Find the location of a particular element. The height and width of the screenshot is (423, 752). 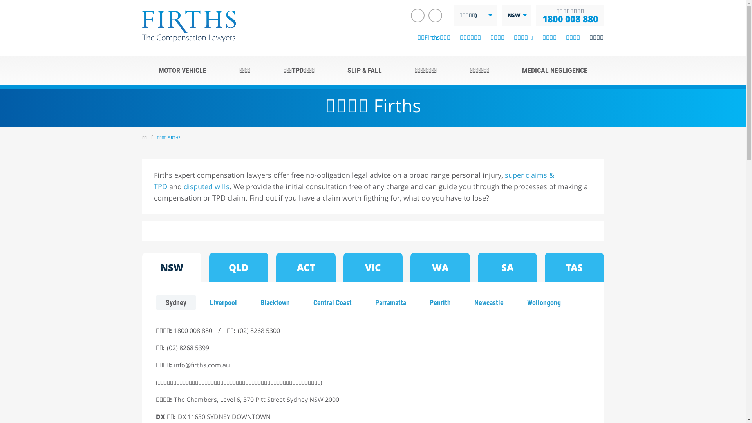

'WA' is located at coordinates (440, 267).